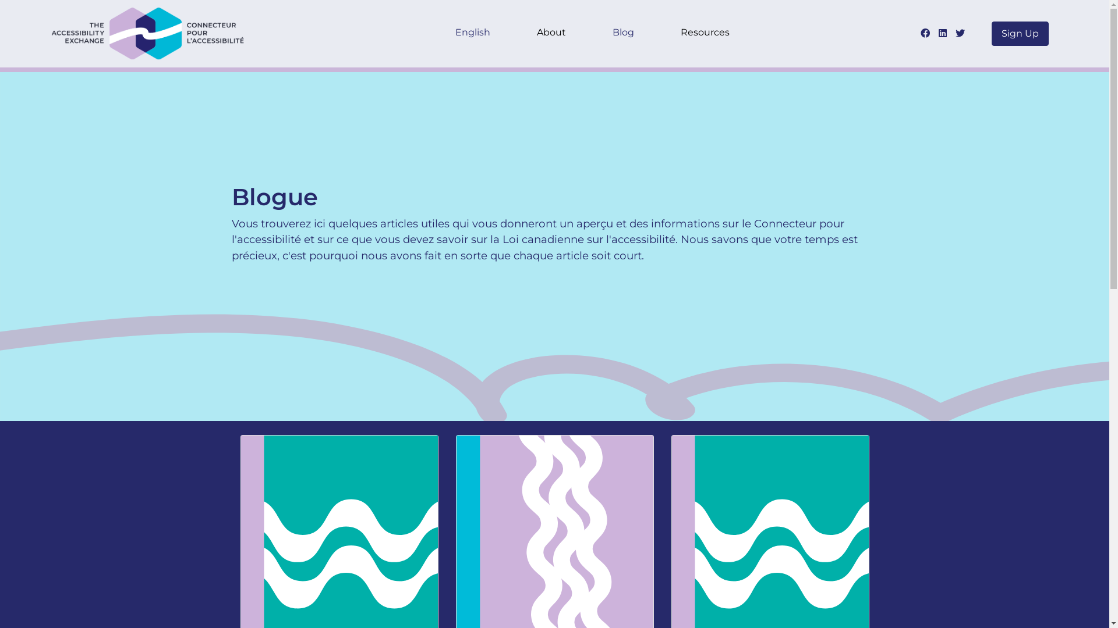  Describe the element at coordinates (550, 33) in the screenshot. I see `'About'` at that location.